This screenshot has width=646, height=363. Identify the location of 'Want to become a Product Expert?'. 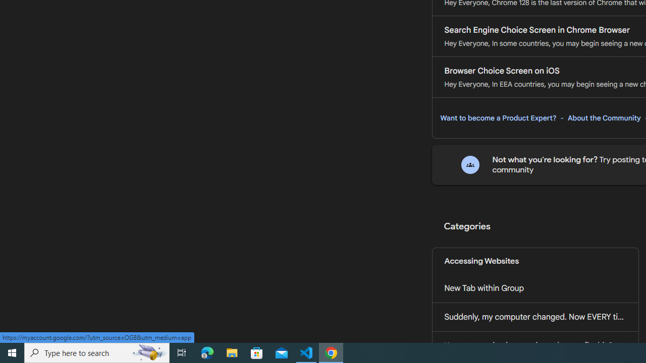
(498, 117).